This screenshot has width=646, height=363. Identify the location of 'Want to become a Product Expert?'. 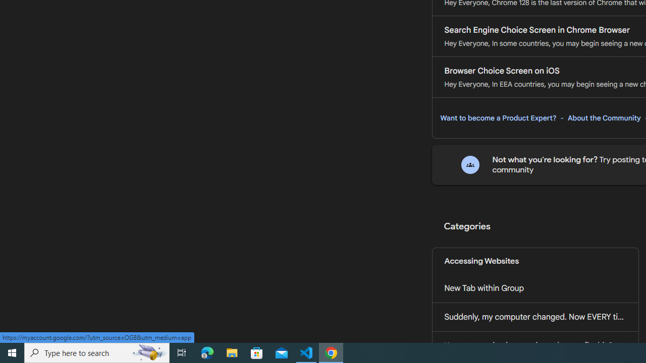
(498, 117).